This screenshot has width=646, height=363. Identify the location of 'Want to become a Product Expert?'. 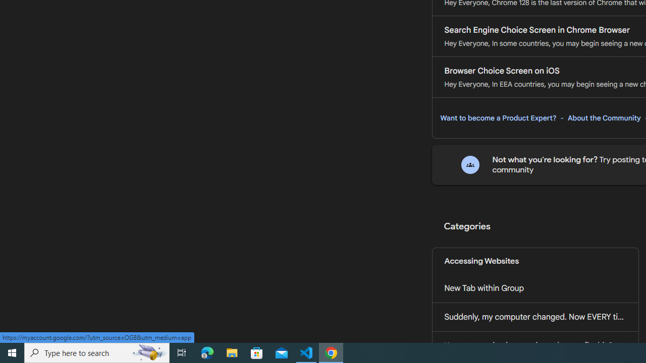
(498, 117).